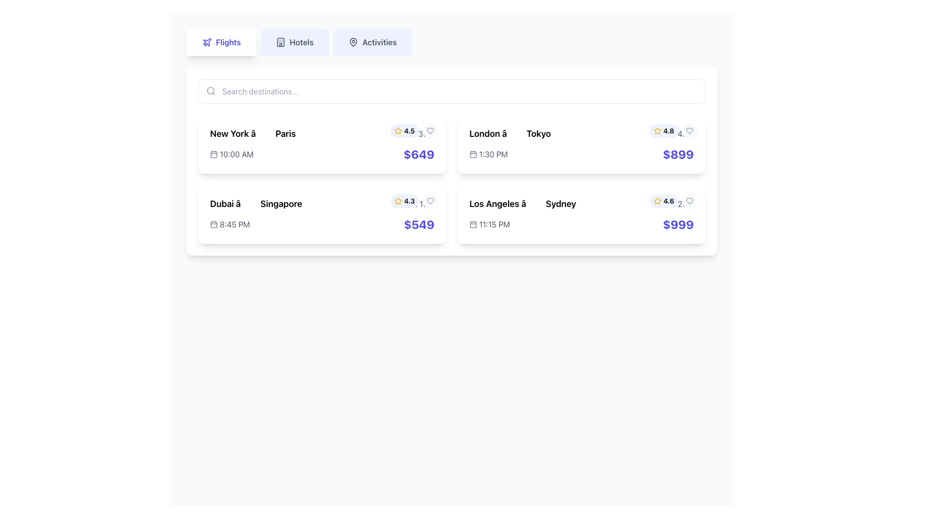  I want to click on the map pin icon located in the 'Activities' tab of the navigation bar, so click(353, 42).